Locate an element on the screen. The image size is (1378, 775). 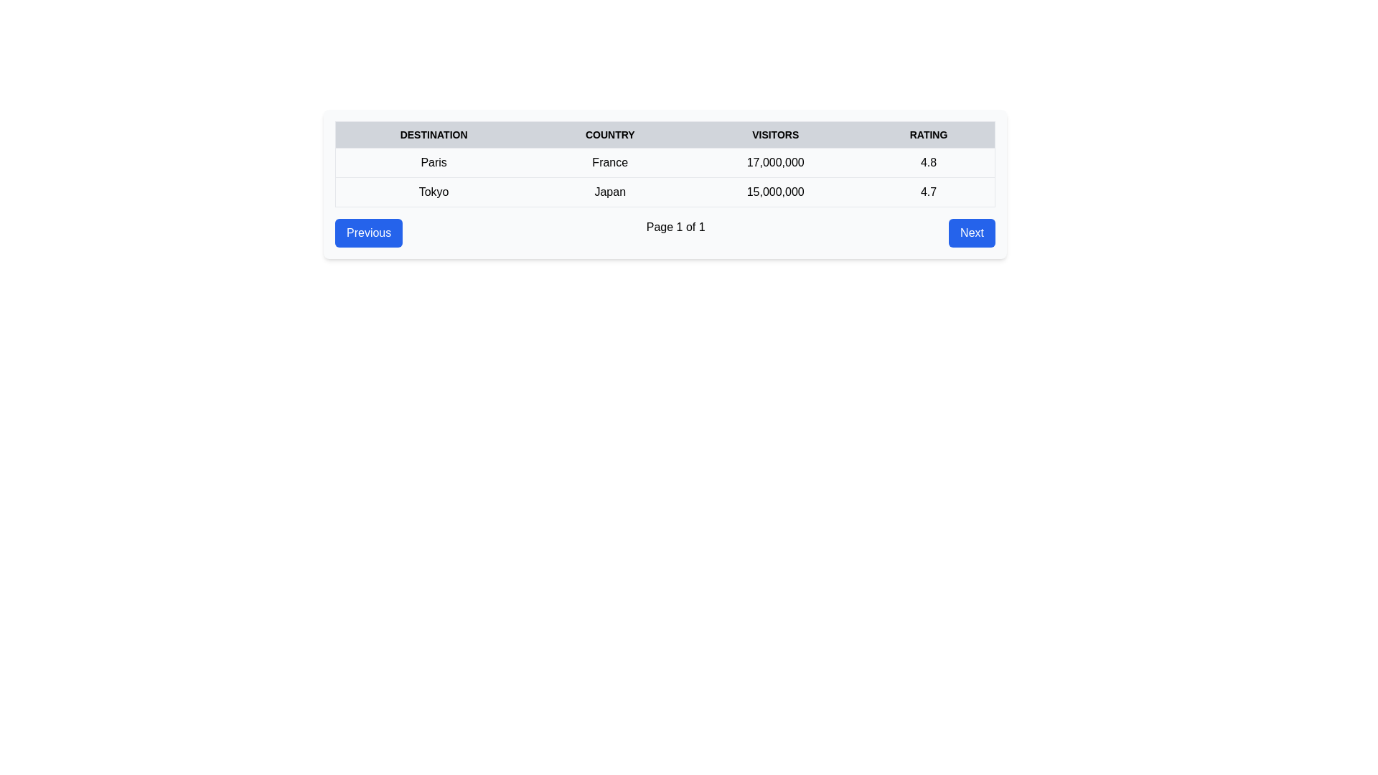
the static text element titled 'DESTINATION', which is the first column header in a table, styled in uppercase and bold is located at coordinates (433, 135).